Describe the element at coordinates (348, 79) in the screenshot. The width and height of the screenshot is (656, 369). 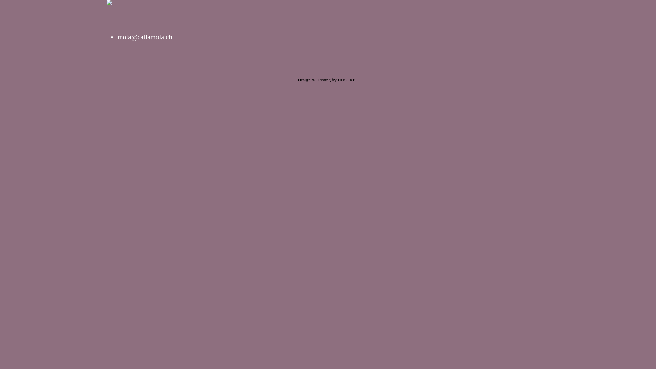
I see `'HOSTKET'` at that location.